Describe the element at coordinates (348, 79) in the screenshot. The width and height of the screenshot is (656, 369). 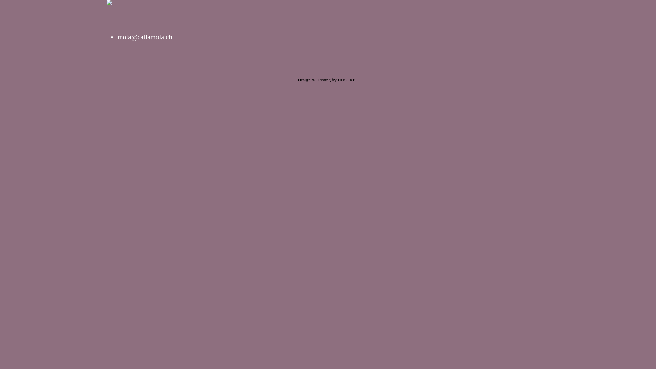
I see `'HOSTKET'` at that location.